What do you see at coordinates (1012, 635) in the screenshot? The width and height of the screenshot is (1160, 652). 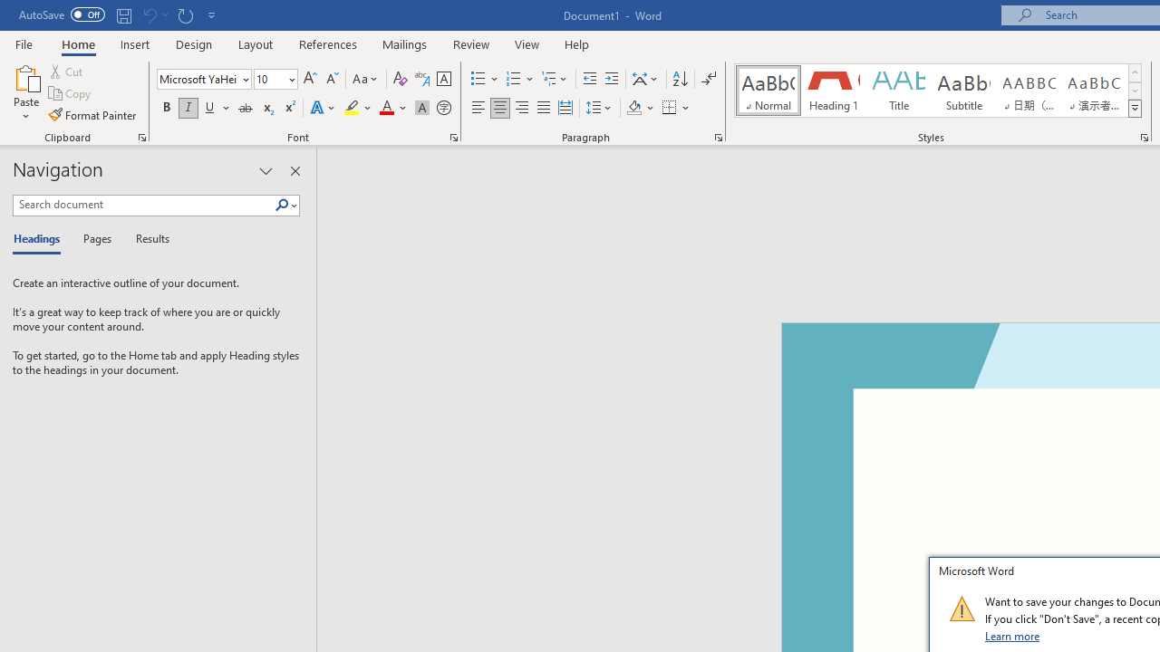 I see `'Learn more'` at bounding box center [1012, 635].